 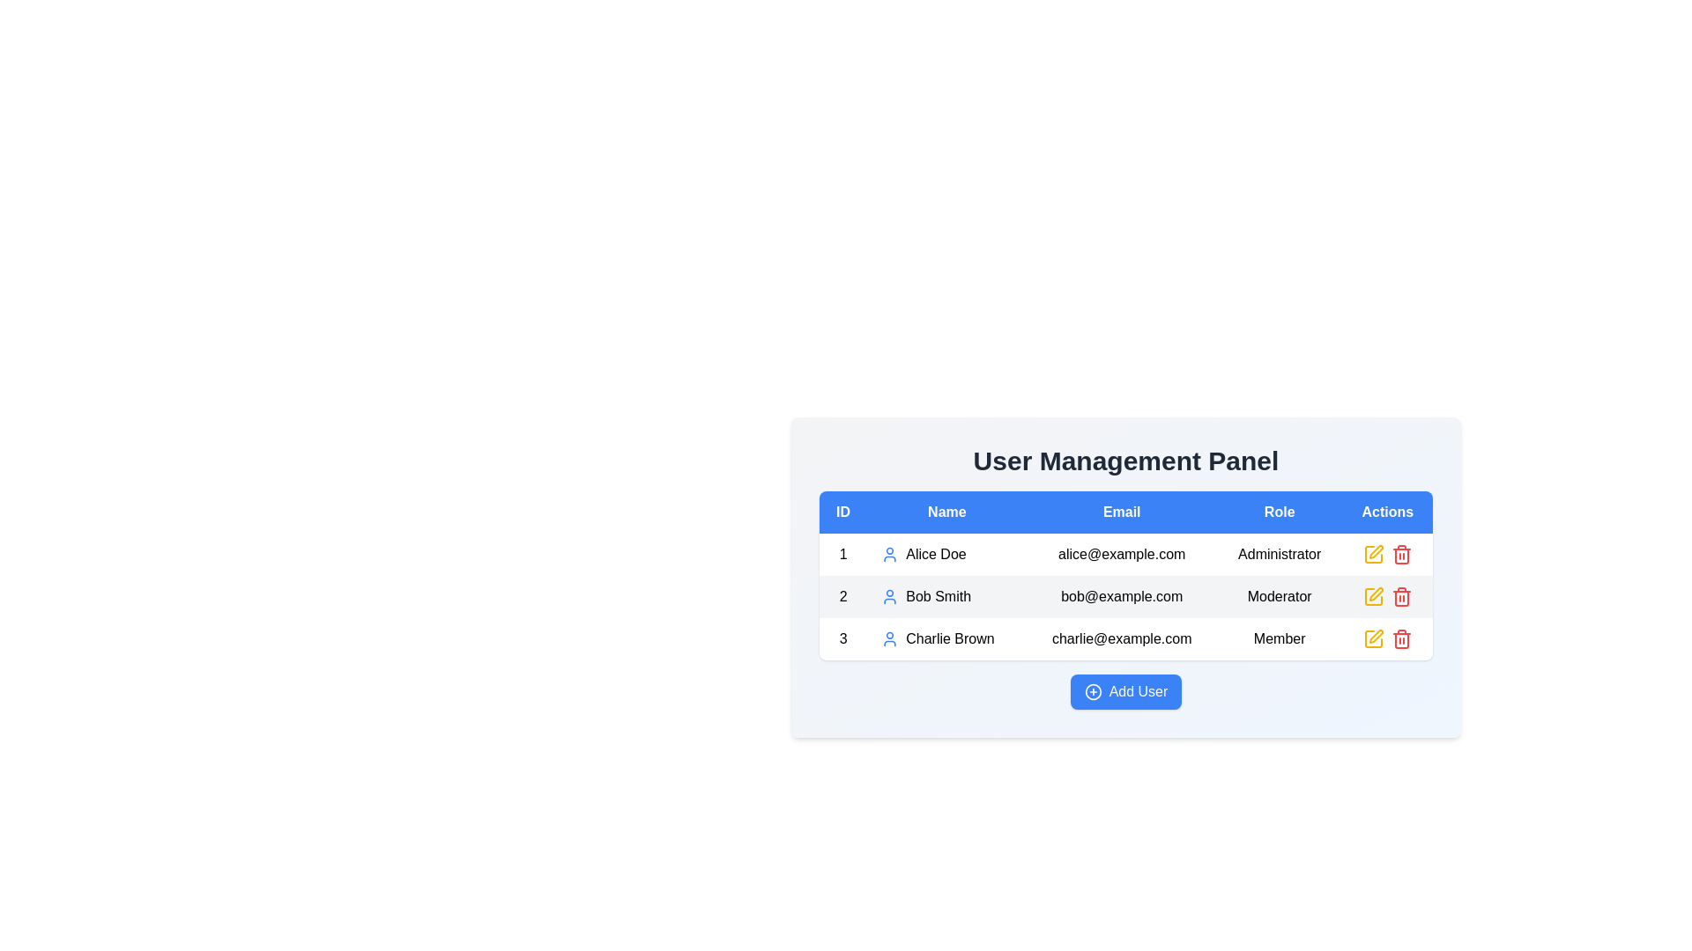 I want to click on the user icon representing 'Bob Smith' in the second row of the 'Name' column, so click(x=890, y=596).